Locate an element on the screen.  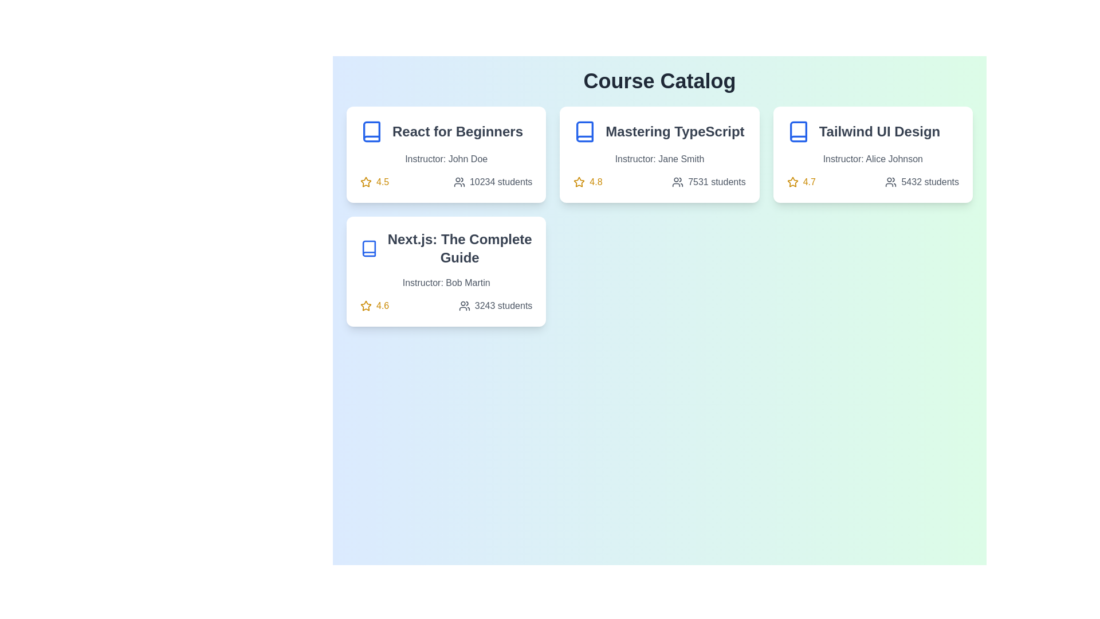
the instructor name text element in the 'Mastering TypeScript' card, which is located below the title and above the student count is located at coordinates (659, 159).